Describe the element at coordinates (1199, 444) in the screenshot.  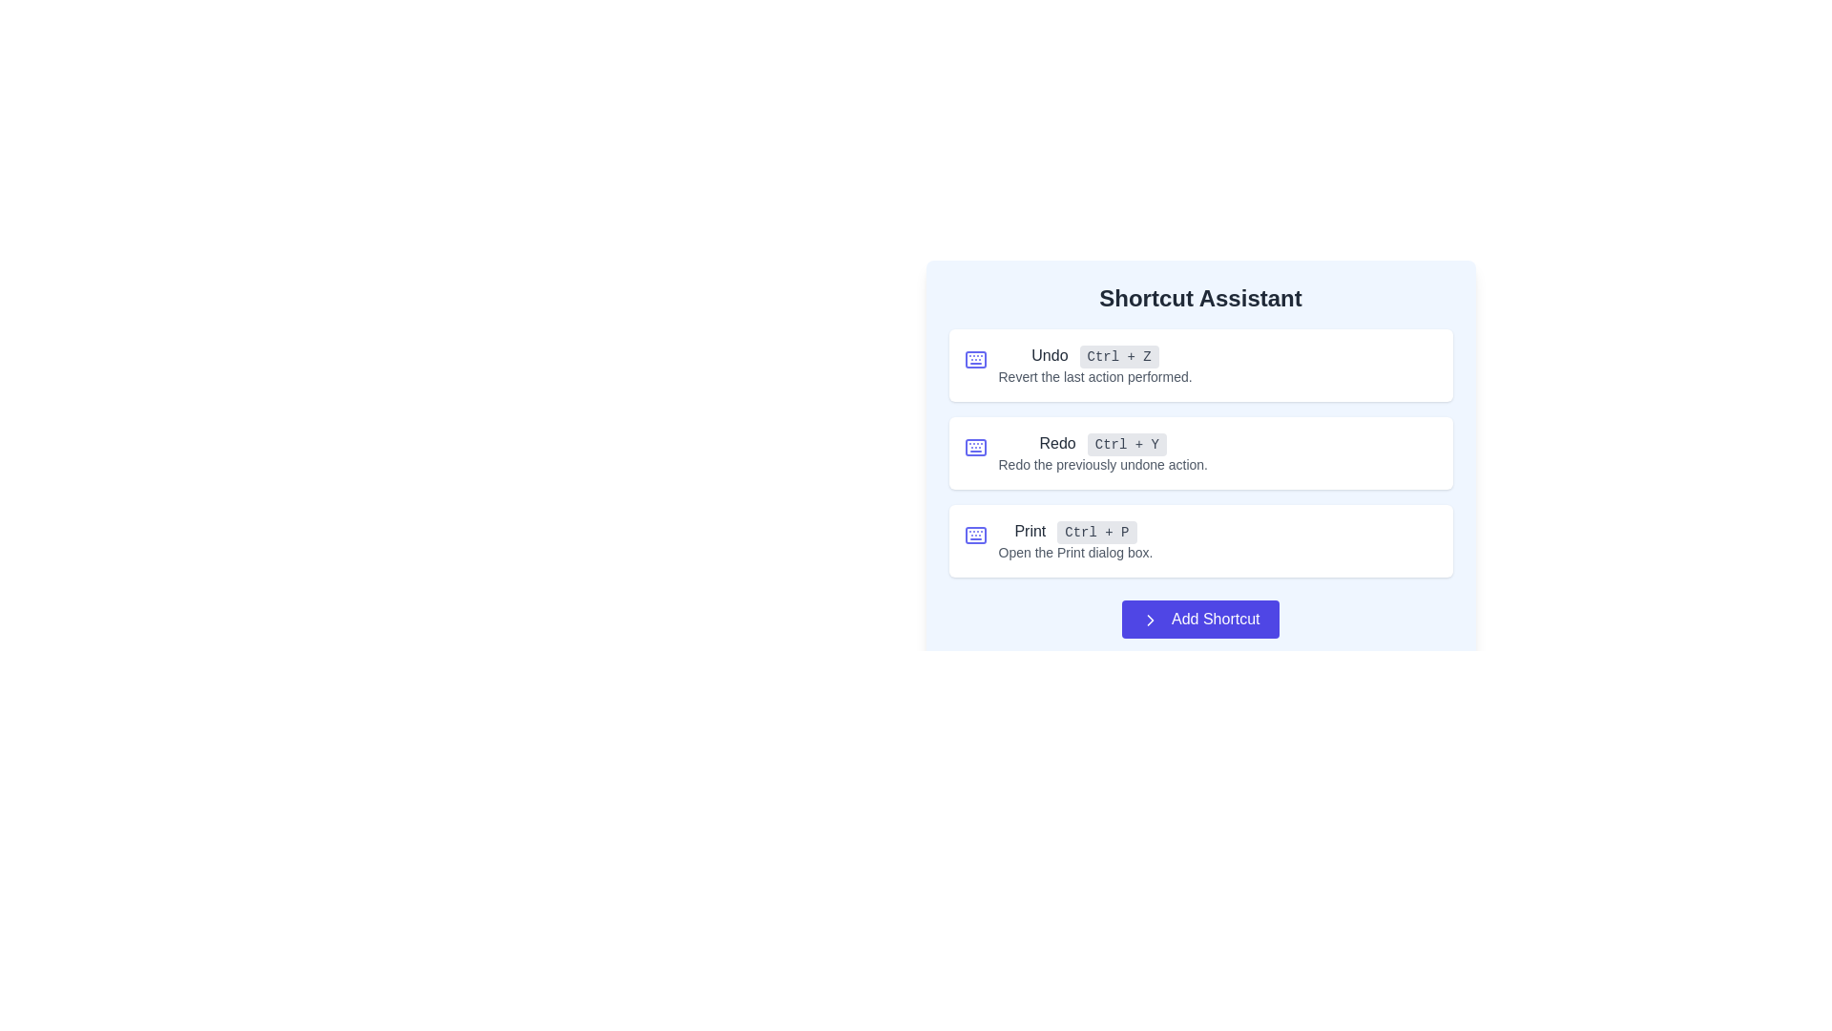
I see `the Information Card labeled 'Redo Ctrl + Y' which is the second item in the 'Shortcut Assistant' box` at that location.